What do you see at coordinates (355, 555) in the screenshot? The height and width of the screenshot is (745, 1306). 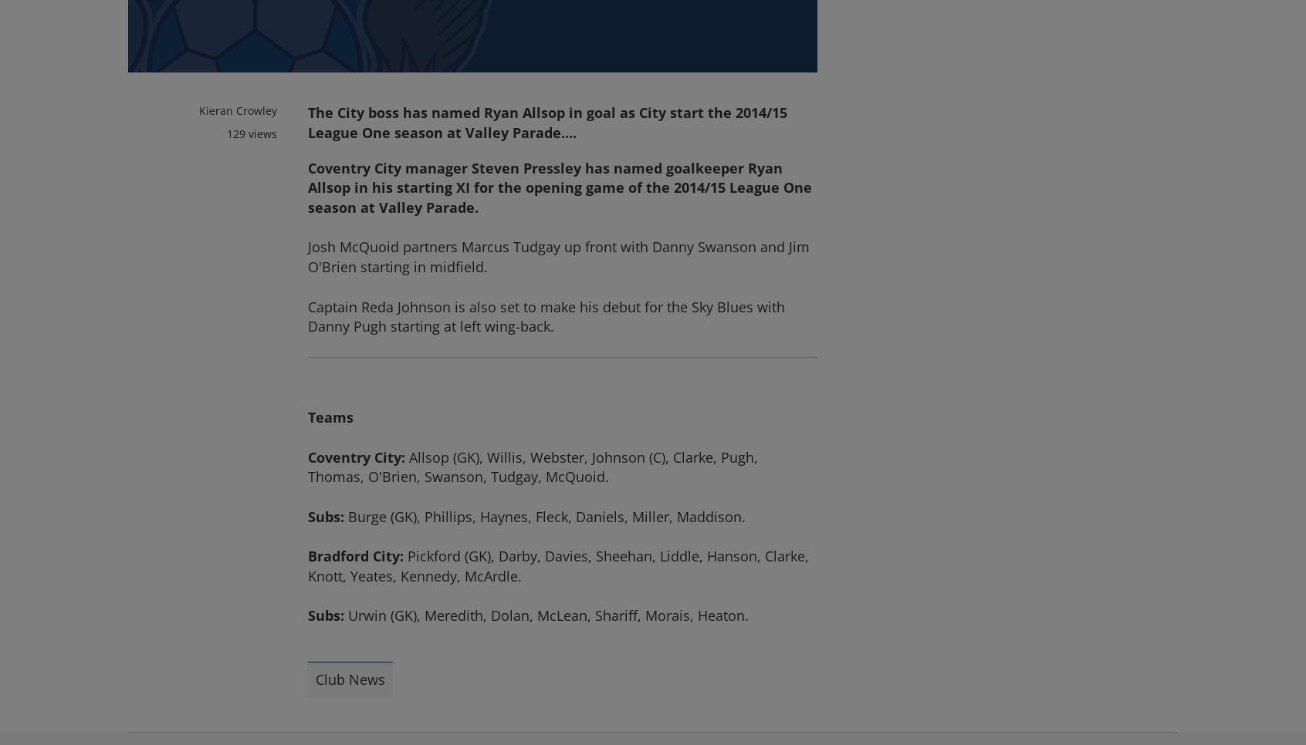 I see `'Bradford City:'` at bounding box center [355, 555].